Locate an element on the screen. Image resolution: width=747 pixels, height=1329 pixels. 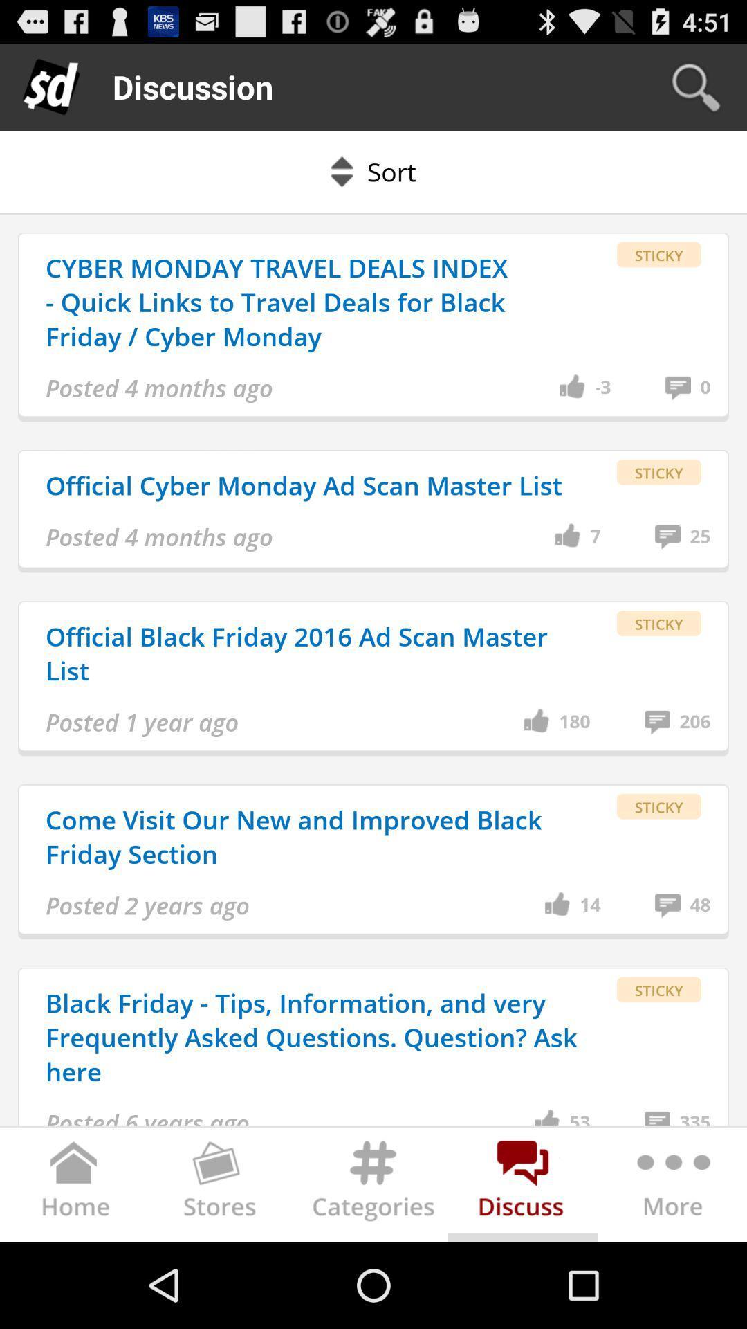
app above the come visit our item is located at coordinates (142, 721).